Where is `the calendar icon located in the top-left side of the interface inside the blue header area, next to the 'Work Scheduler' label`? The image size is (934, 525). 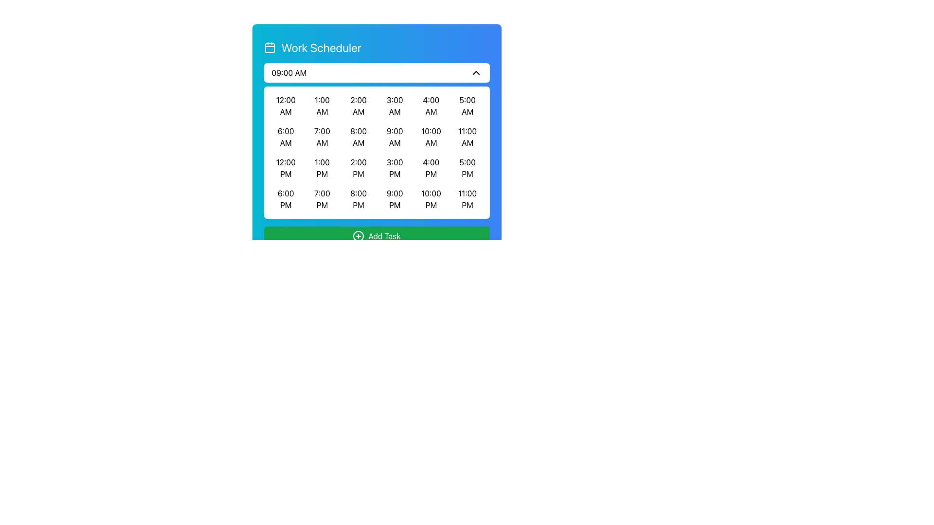 the calendar icon located in the top-left side of the interface inside the blue header area, next to the 'Work Scheduler' label is located at coordinates (269, 47).